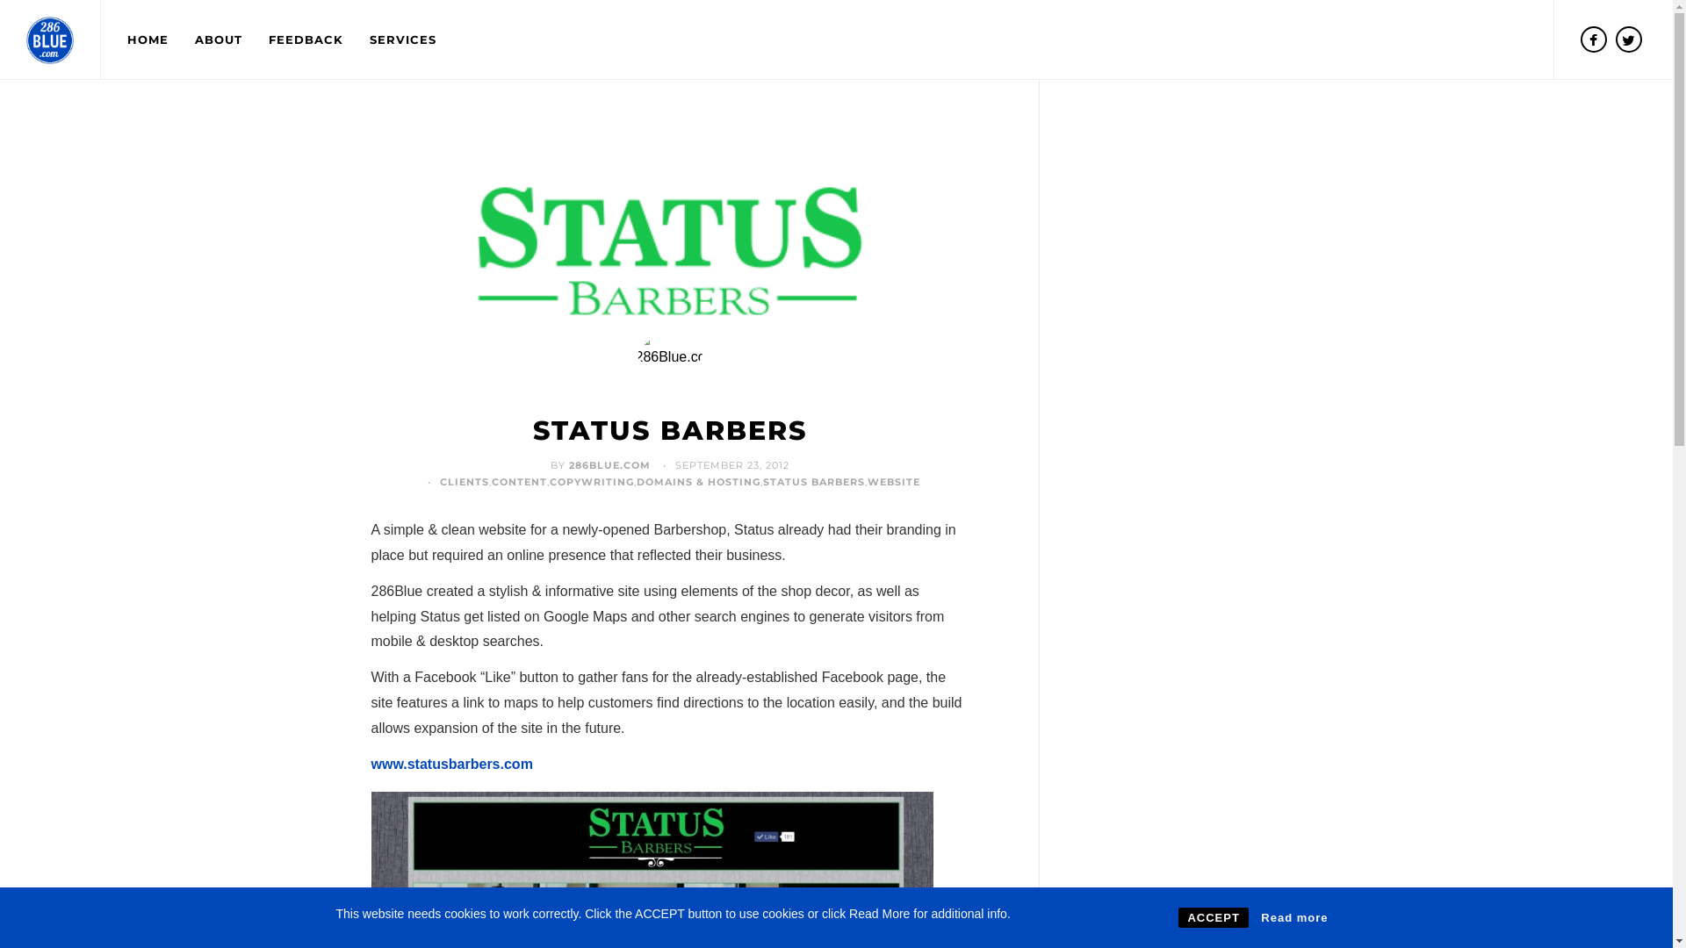  Describe the element at coordinates (609, 463) in the screenshot. I see `'286BLUE.COM'` at that location.